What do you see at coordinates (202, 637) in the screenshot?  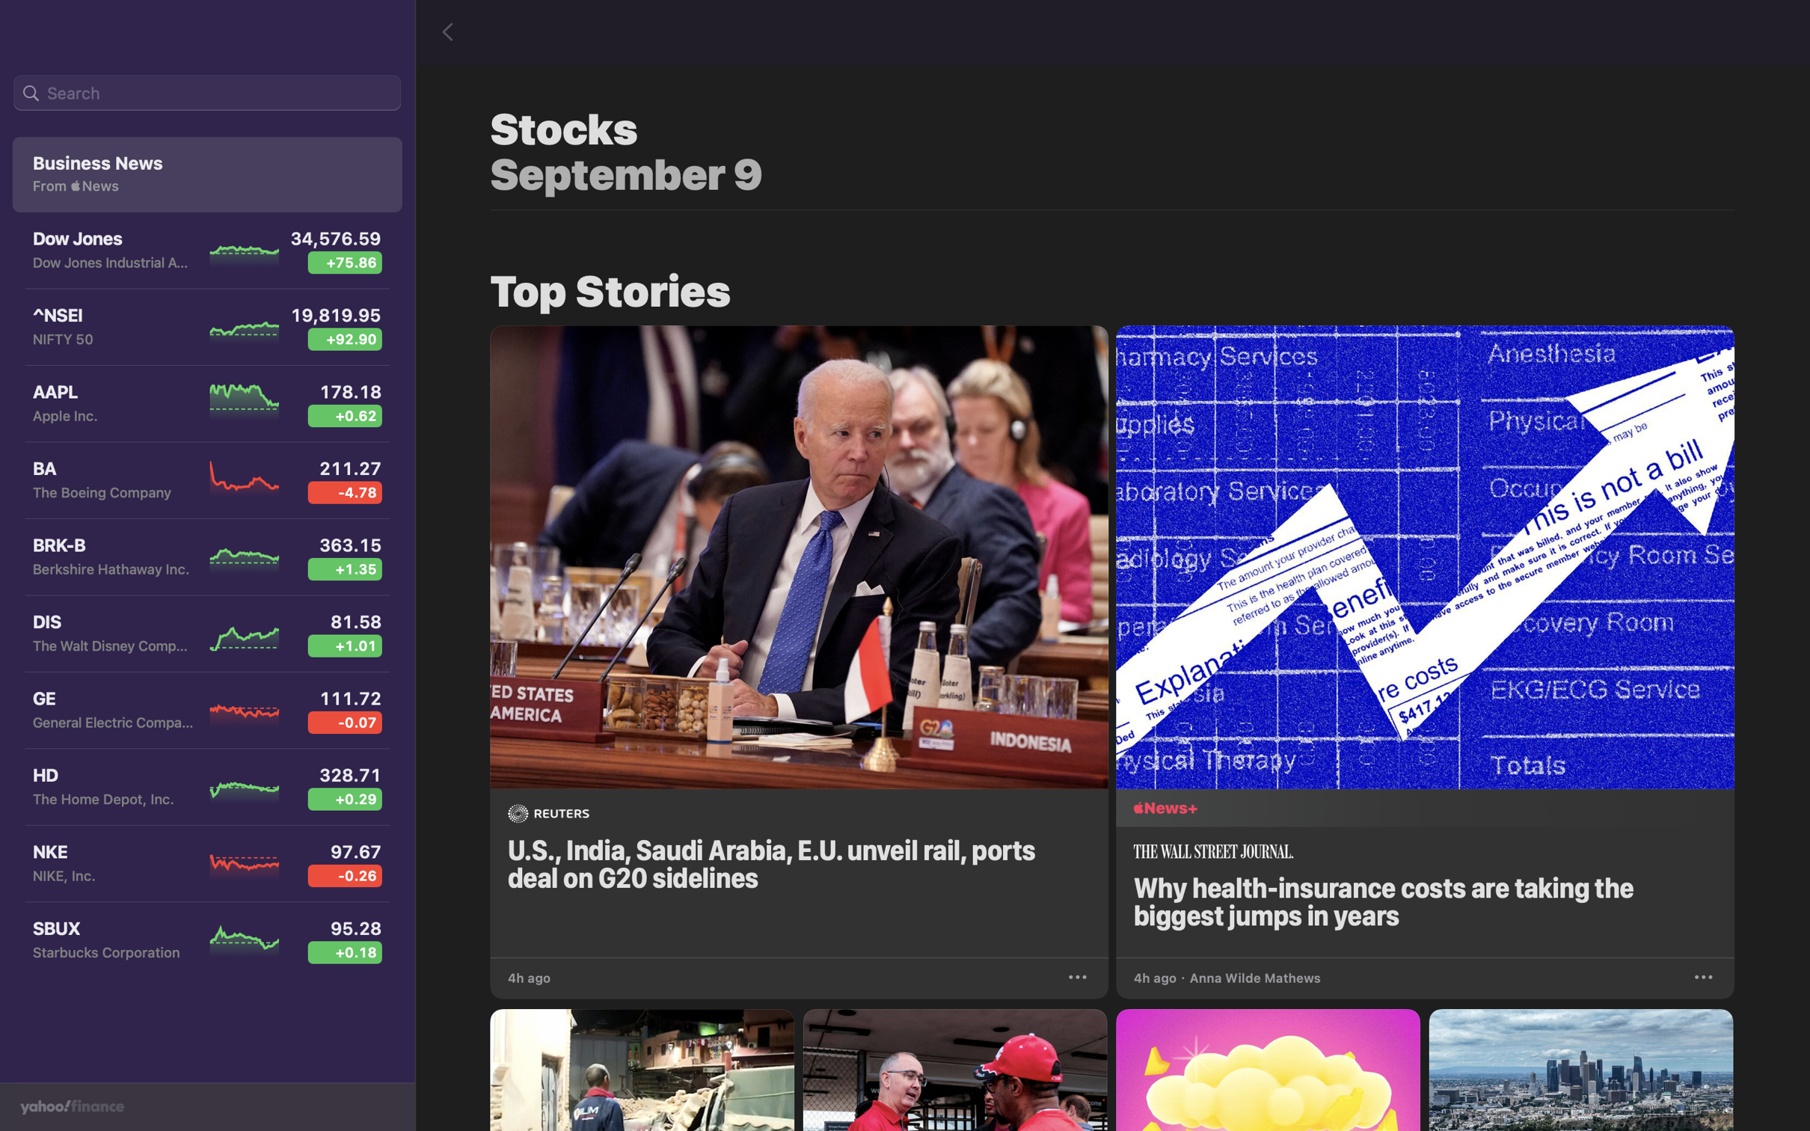 I see `the Walt Disney stock view` at bounding box center [202, 637].